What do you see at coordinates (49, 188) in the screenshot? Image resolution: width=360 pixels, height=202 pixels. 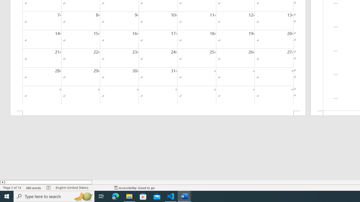 I see `'Spelling and Grammar Check No Errors'` at bounding box center [49, 188].